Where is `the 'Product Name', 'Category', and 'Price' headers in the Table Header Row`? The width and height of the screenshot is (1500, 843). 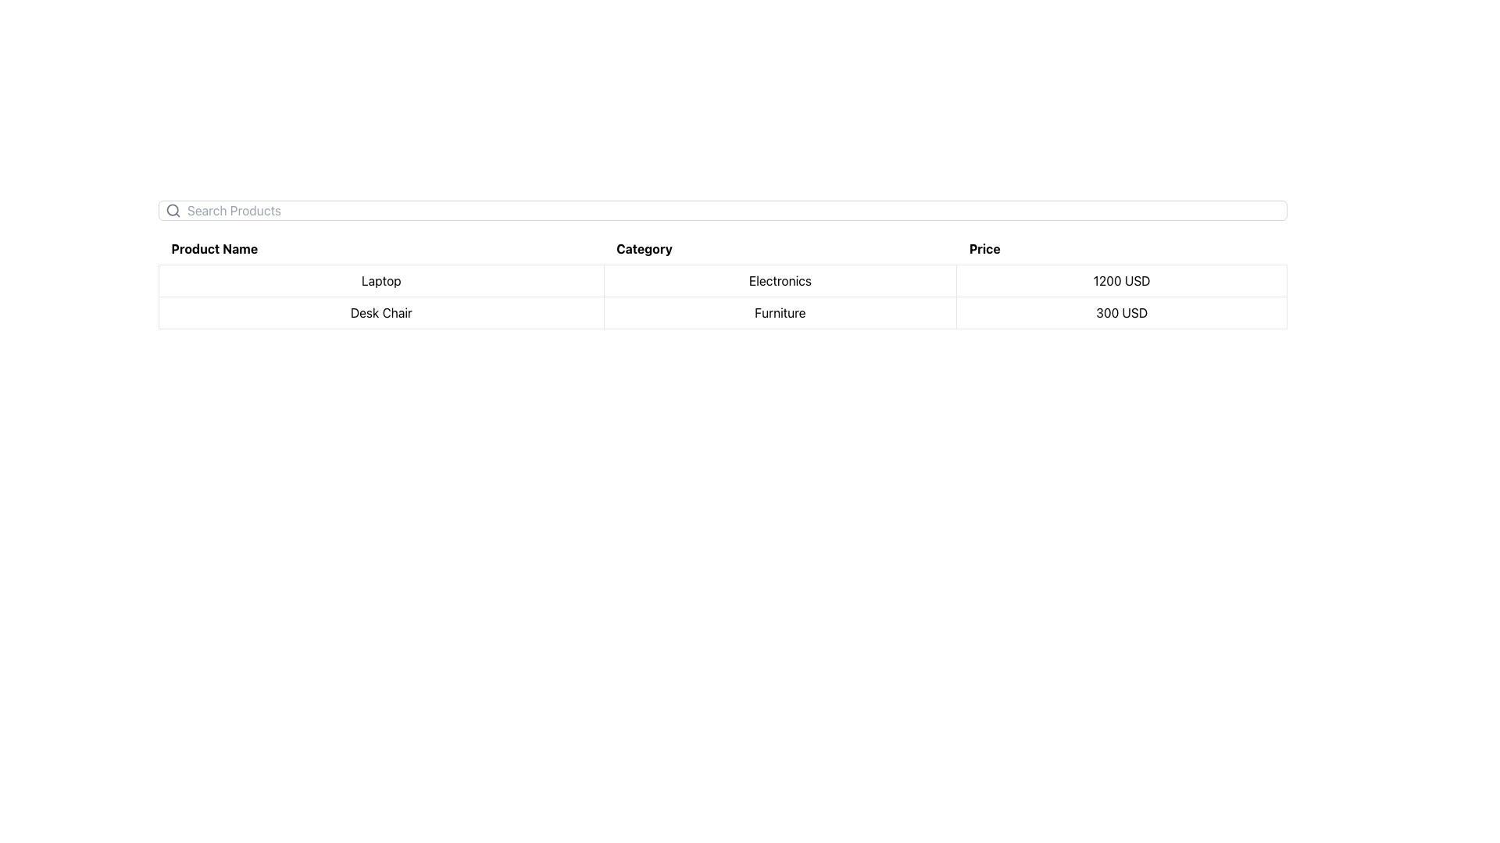
the 'Product Name', 'Category', and 'Price' headers in the Table Header Row is located at coordinates (722, 248).